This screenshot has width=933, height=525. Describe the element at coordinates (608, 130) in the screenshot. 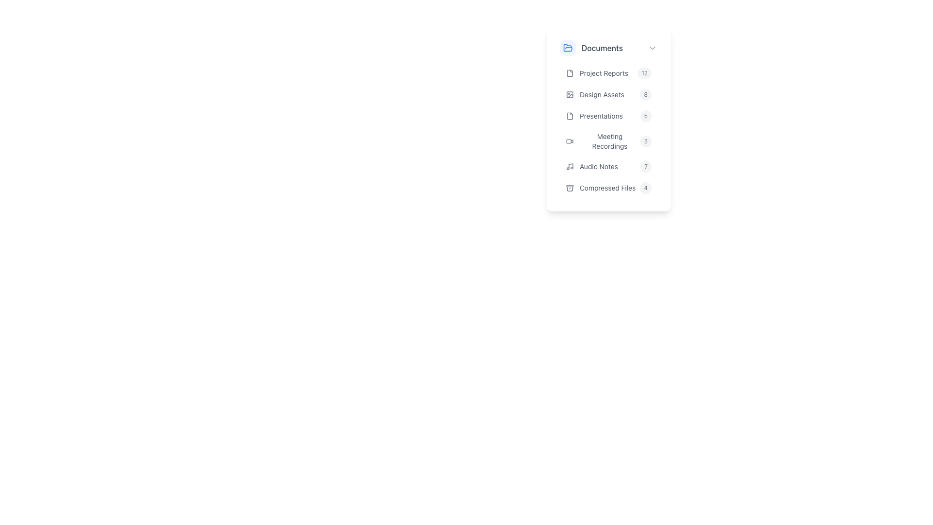

I see `on the 'Meeting Recordings 3' list item in the 'Documents' menu` at that location.